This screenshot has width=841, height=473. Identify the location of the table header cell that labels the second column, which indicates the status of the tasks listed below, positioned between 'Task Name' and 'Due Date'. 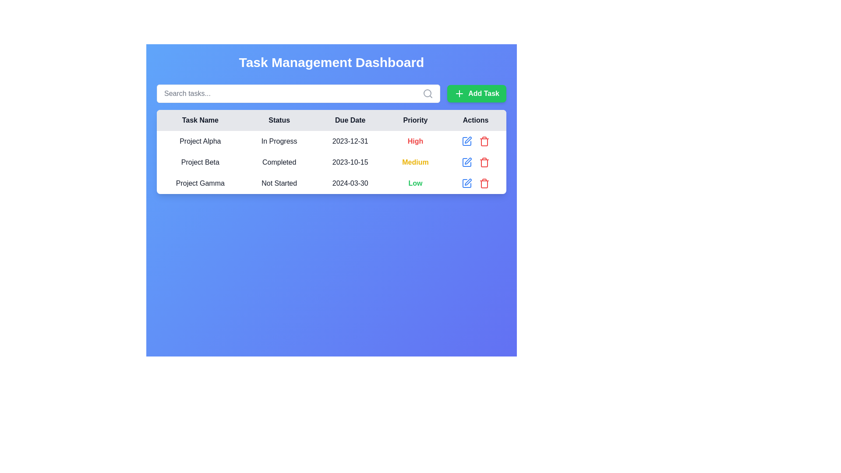
(279, 120).